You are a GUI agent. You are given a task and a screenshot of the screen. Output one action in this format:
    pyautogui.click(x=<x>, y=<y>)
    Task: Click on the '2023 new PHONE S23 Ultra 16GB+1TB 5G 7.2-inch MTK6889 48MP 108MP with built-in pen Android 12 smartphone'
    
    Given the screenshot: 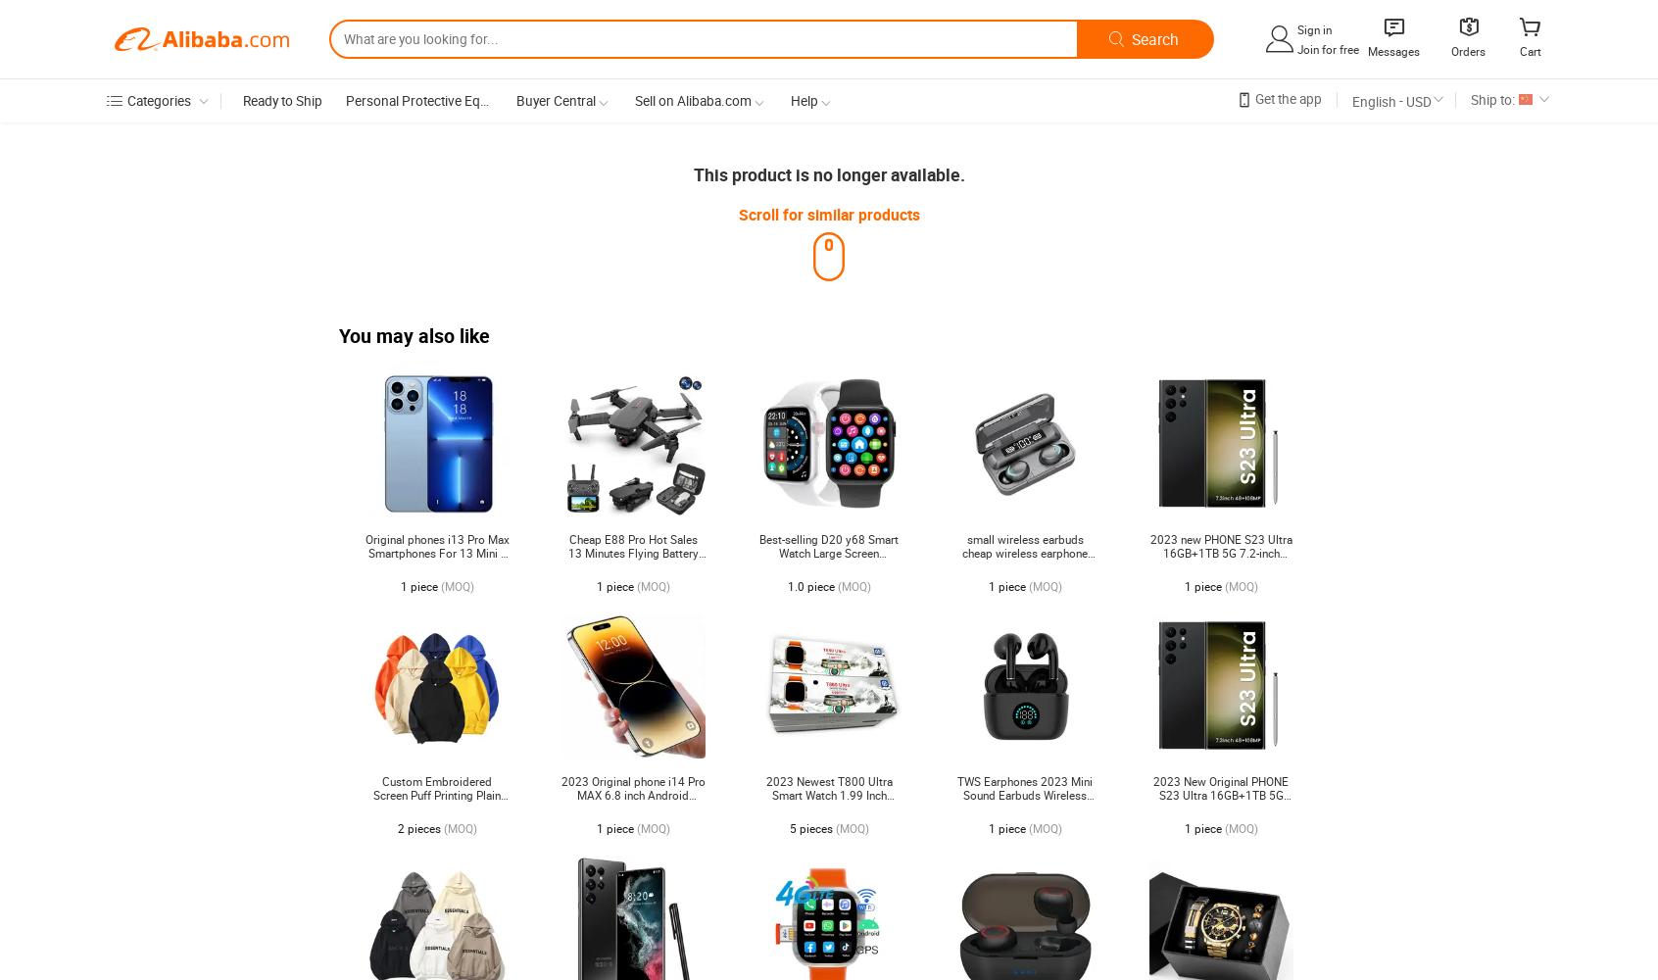 What is the action you would take?
    pyautogui.click(x=1148, y=565)
    